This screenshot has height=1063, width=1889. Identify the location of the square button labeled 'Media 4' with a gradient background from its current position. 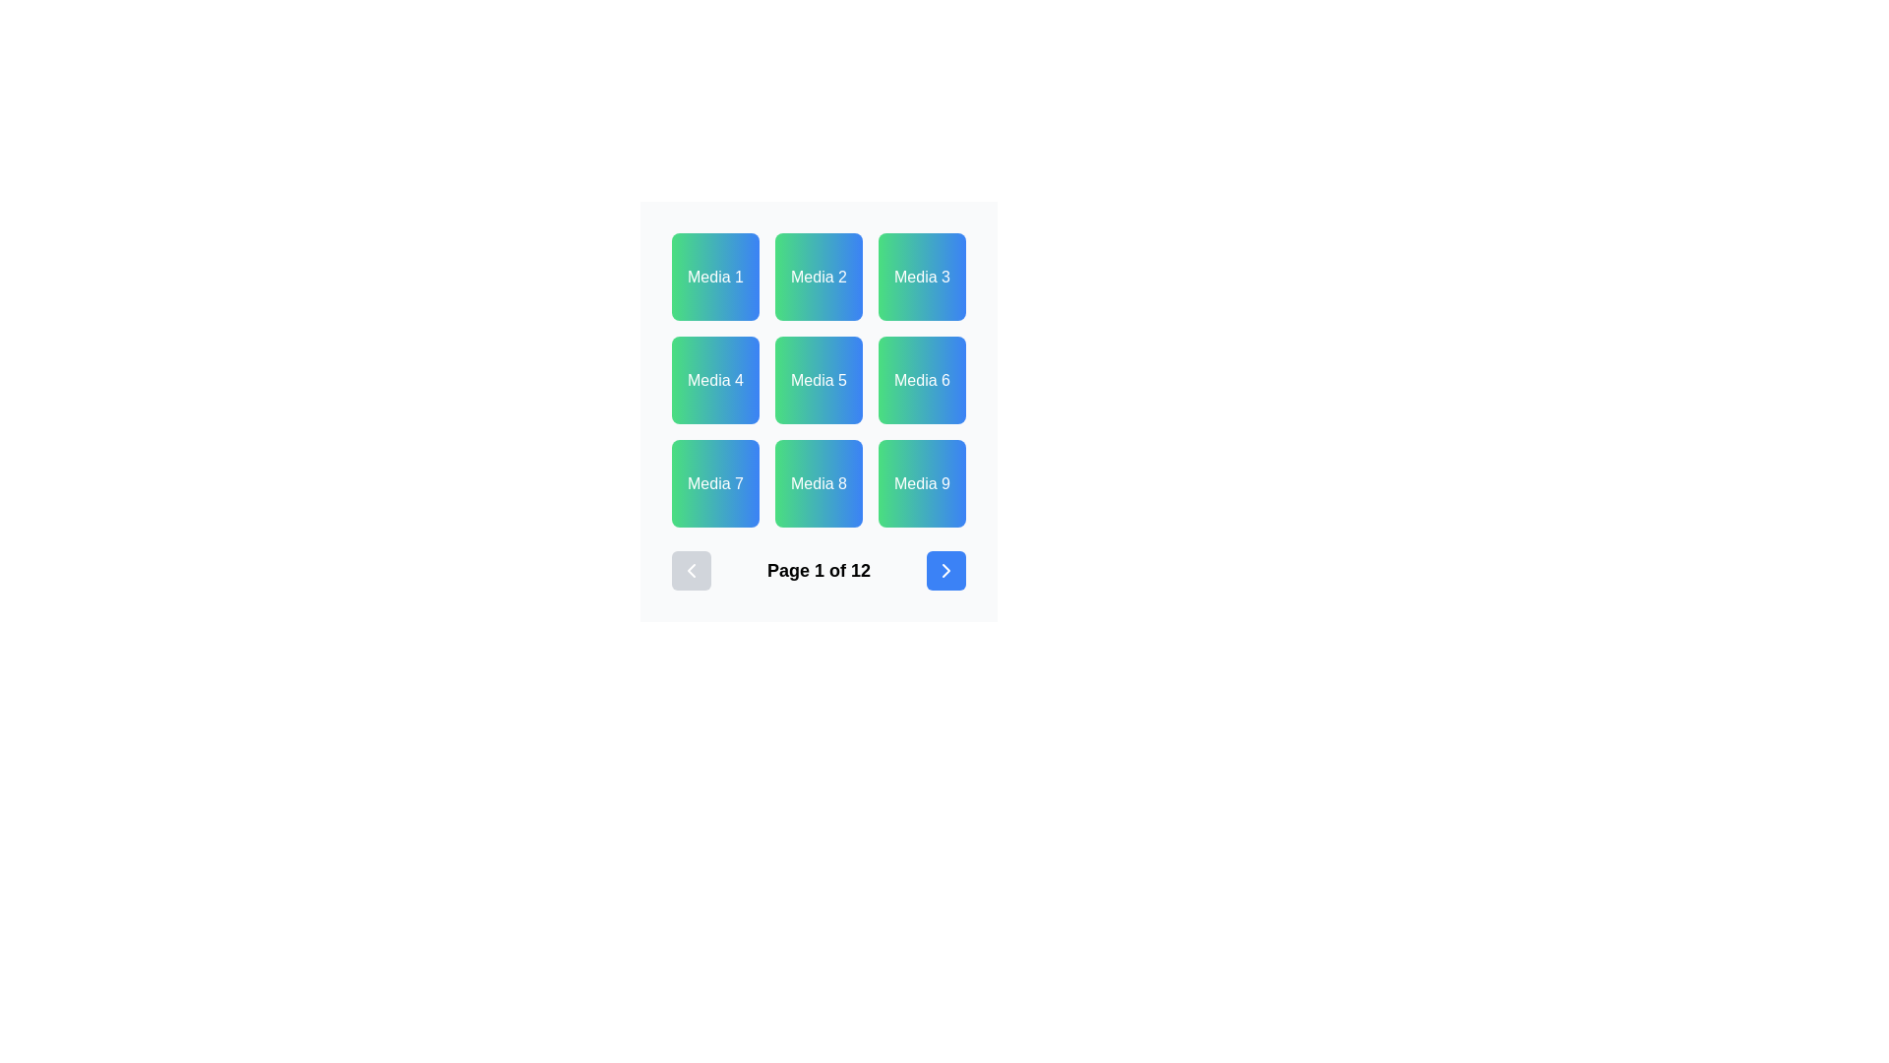
(714, 380).